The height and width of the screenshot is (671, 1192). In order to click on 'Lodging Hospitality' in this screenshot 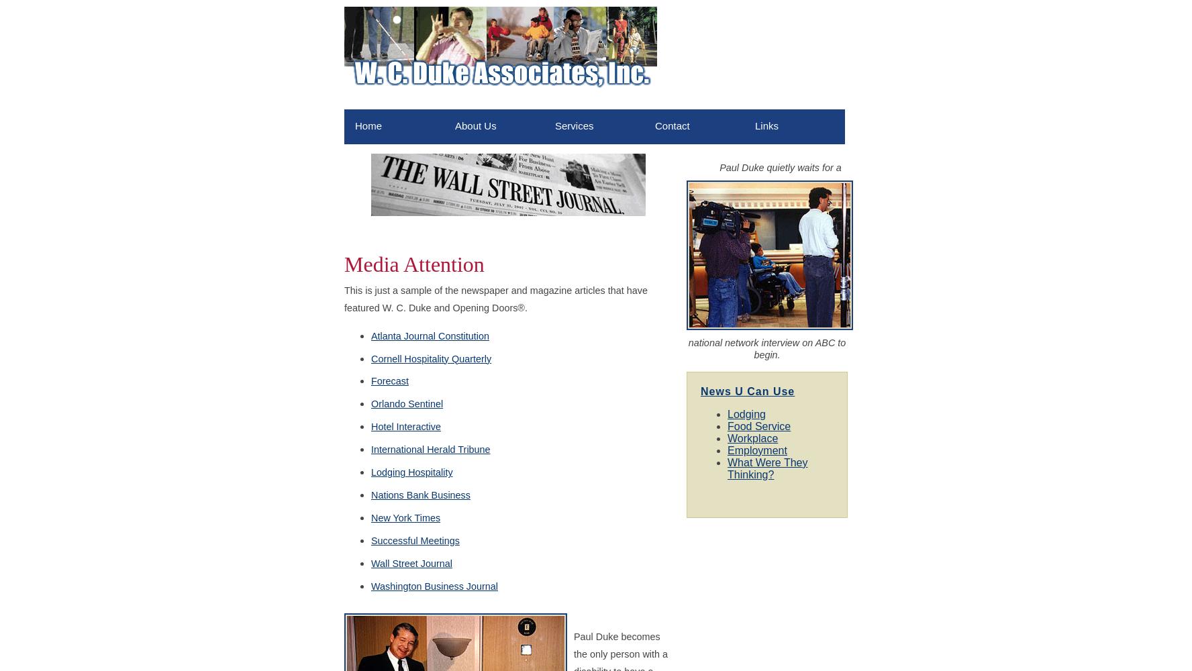, I will do `click(411, 472)`.